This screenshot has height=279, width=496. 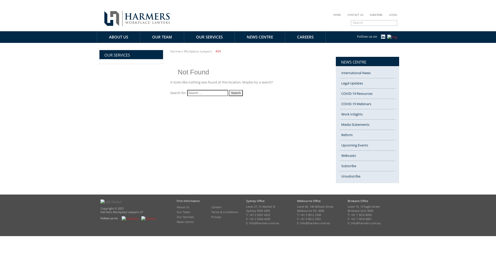 What do you see at coordinates (367, 155) in the screenshot?
I see `'Webcasts'` at bounding box center [367, 155].